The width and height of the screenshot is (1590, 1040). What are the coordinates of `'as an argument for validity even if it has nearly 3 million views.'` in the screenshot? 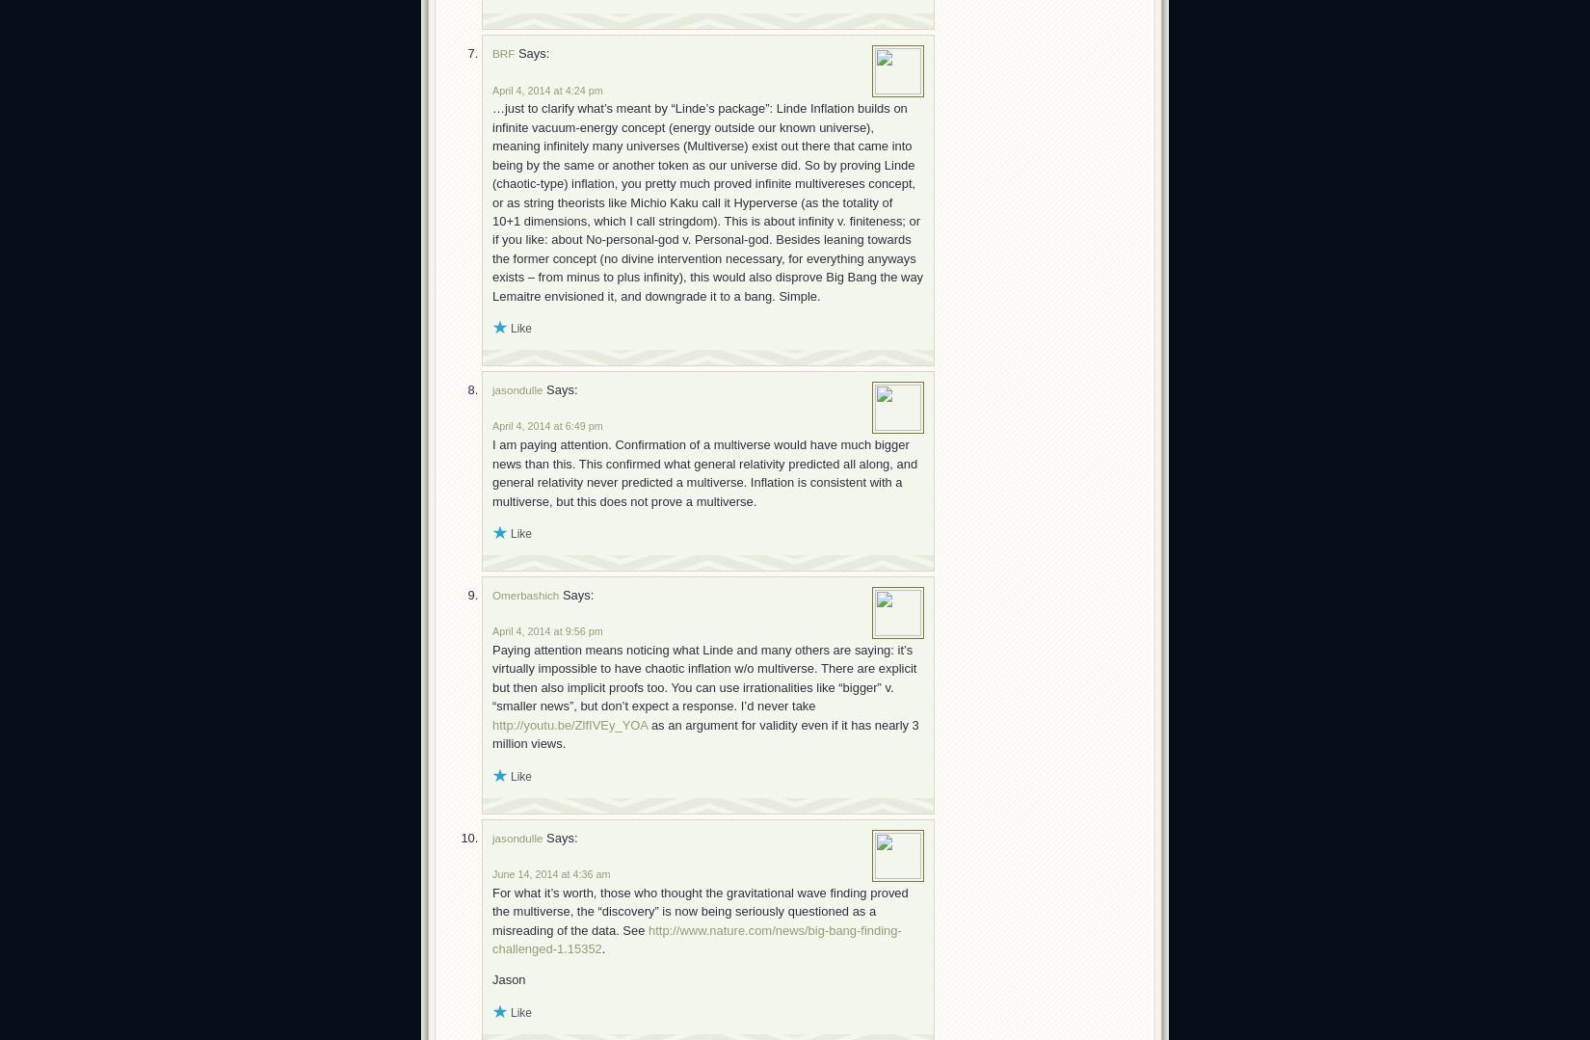 It's located at (703, 733).